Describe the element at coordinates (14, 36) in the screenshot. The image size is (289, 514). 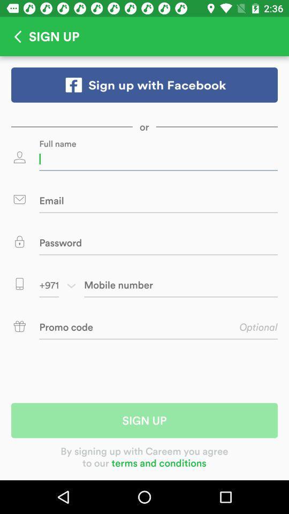
I see `go back` at that location.